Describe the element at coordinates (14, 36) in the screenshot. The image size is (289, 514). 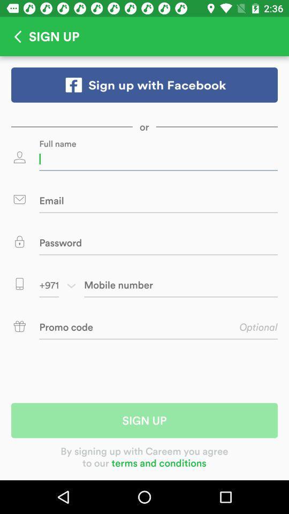
I see `go back` at that location.